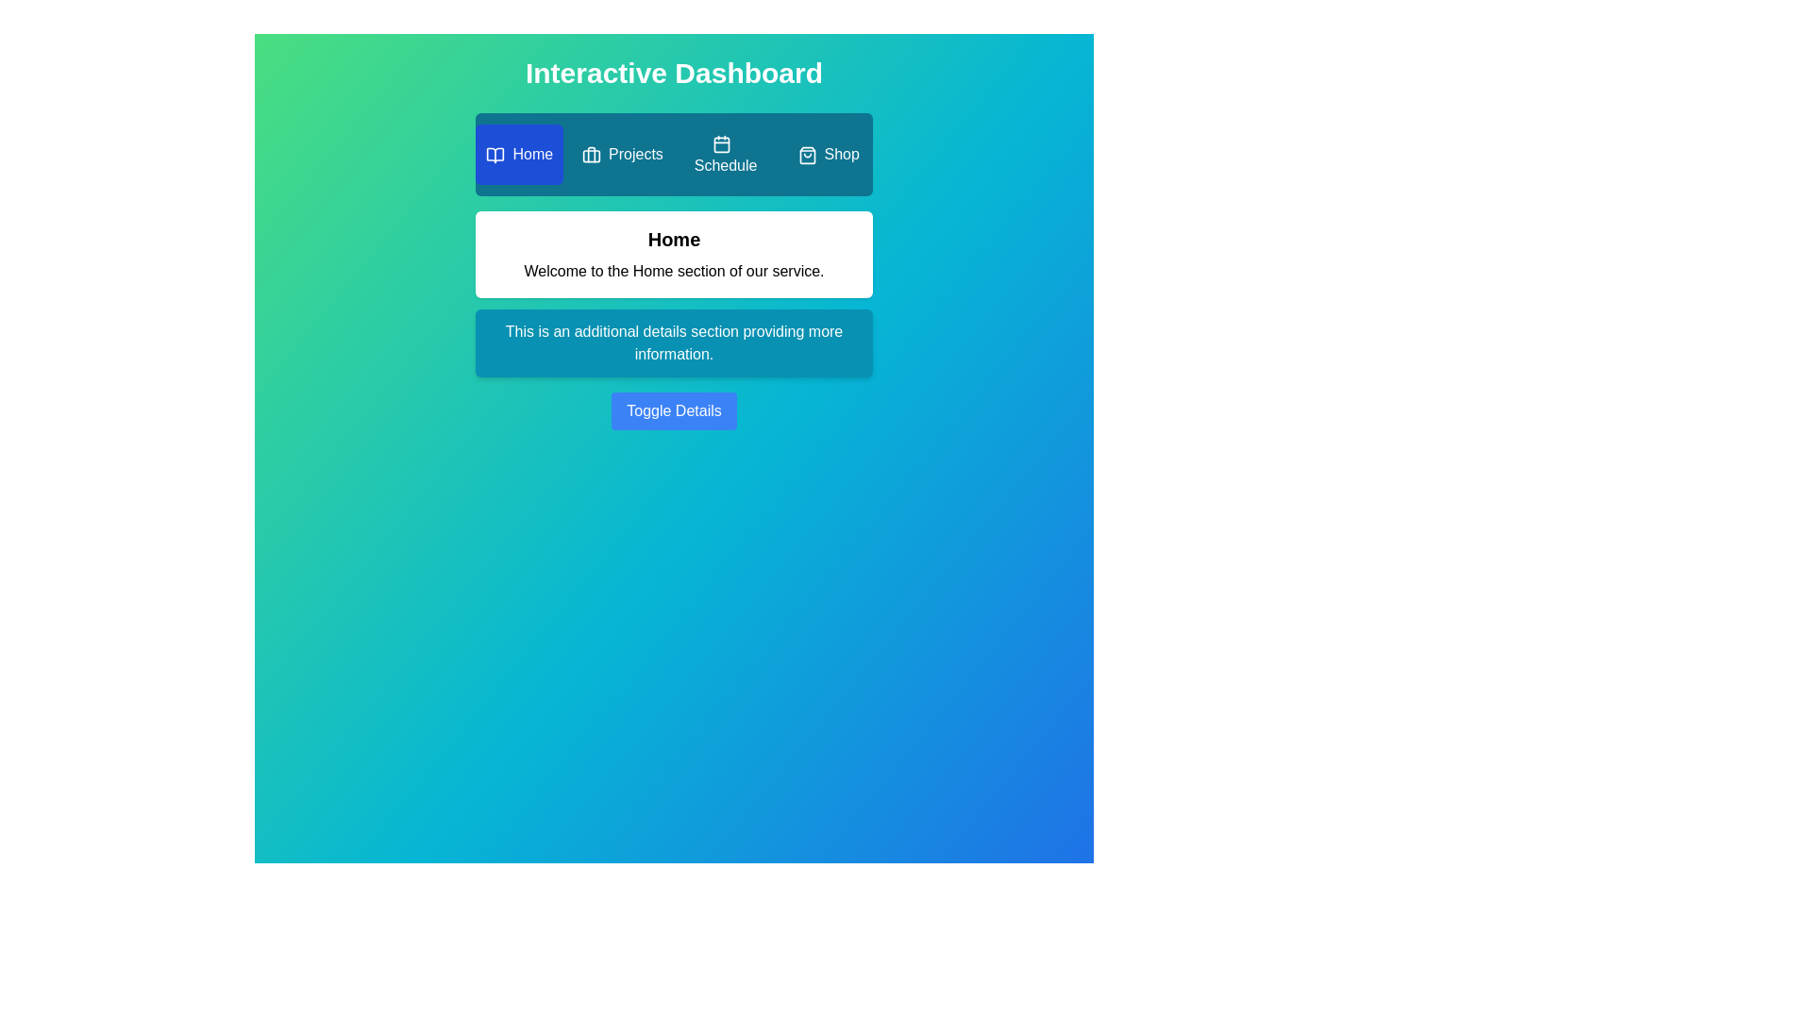 The width and height of the screenshot is (1812, 1019). I want to click on the 'Toggle Details' button to toggle the visibility of the additional details section, so click(674, 409).